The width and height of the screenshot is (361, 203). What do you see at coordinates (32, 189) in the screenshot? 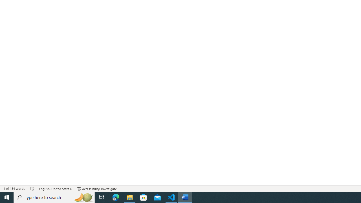
I see `'Spelling and Grammar Check Errors'` at bounding box center [32, 189].